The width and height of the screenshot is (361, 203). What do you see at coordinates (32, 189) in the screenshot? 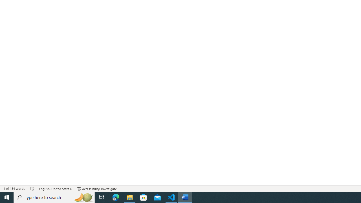
I see `'Spelling and Grammar Check Errors'` at bounding box center [32, 189].